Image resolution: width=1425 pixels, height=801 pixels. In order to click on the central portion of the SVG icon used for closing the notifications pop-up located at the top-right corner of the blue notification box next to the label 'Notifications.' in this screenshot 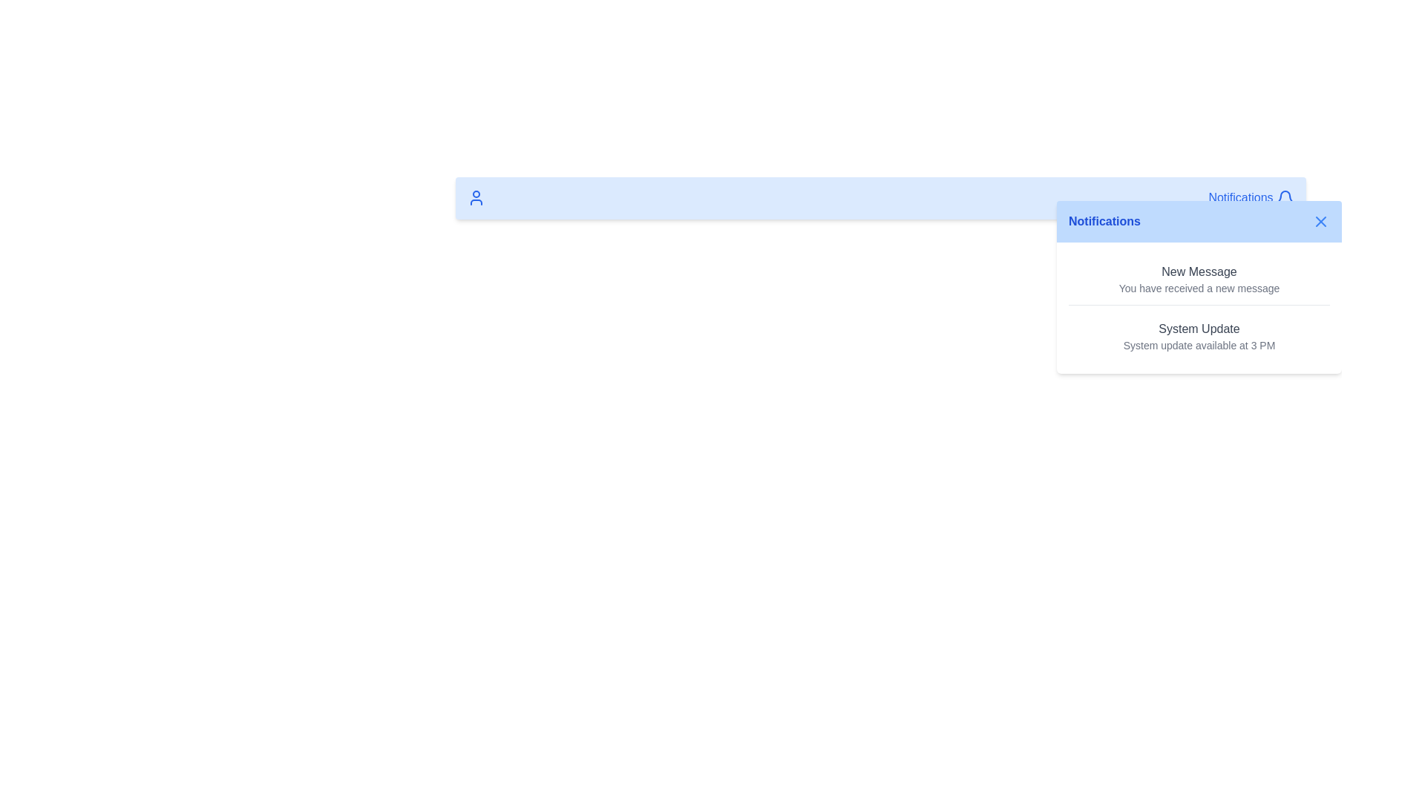, I will do `click(1321, 222)`.